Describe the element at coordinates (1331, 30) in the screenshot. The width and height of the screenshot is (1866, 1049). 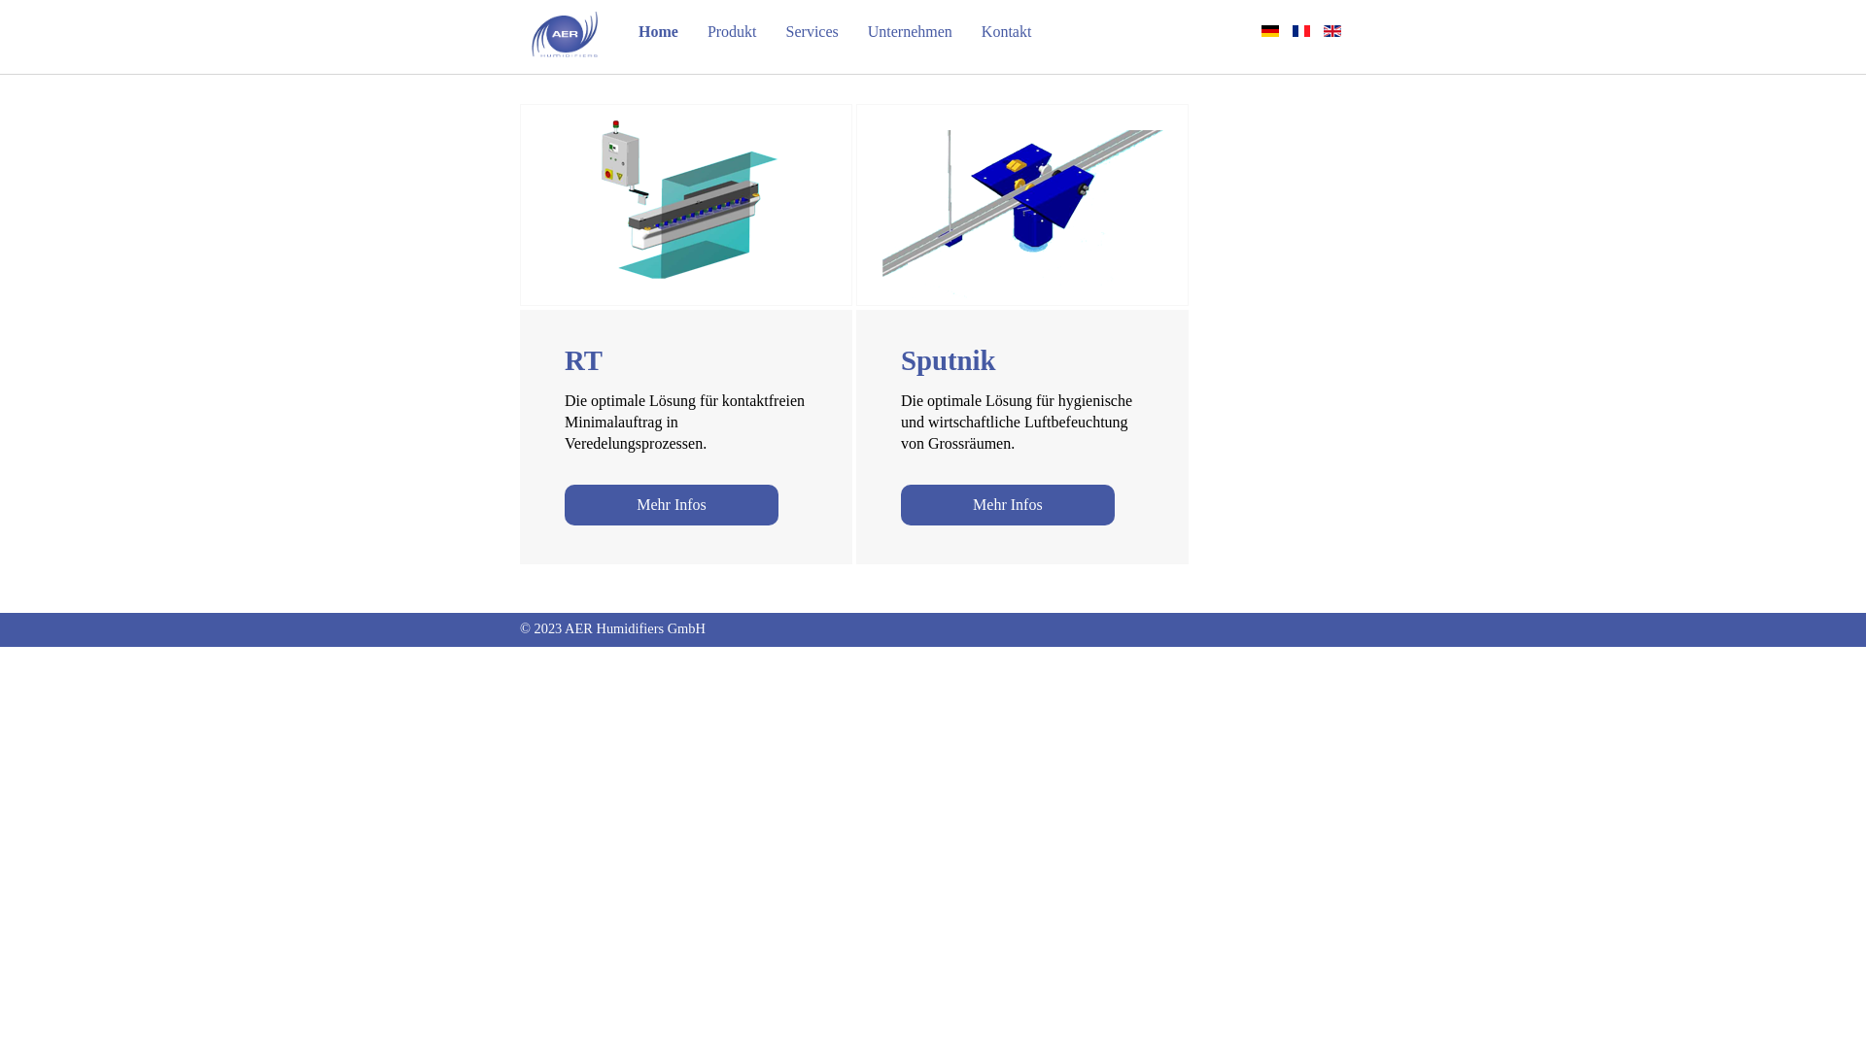
I see `'English (United Kingdom)'` at that location.